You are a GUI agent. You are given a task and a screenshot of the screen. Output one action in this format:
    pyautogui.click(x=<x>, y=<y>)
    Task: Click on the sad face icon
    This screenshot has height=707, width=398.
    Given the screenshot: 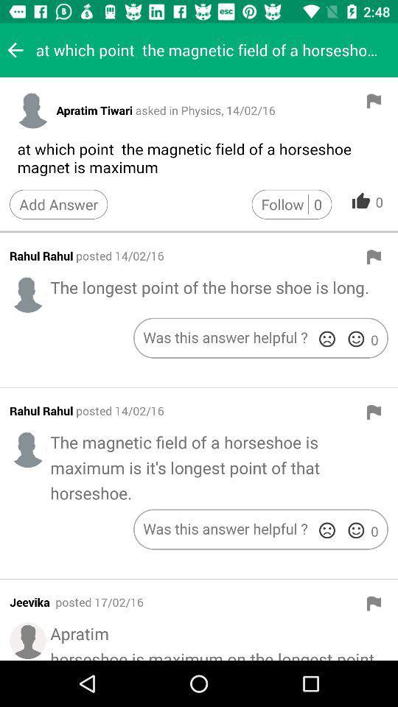 What is the action you would take?
    pyautogui.click(x=327, y=339)
    